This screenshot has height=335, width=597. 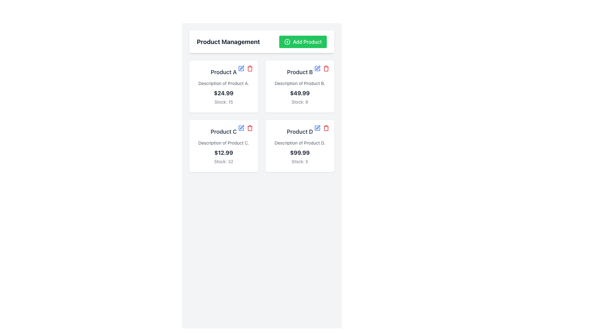 I want to click on price value displayed in the bold text label located in the fourth product card, positioned beneath 'Description of Product D.' and above 'Stock: 5.', so click(x=300, y=153).